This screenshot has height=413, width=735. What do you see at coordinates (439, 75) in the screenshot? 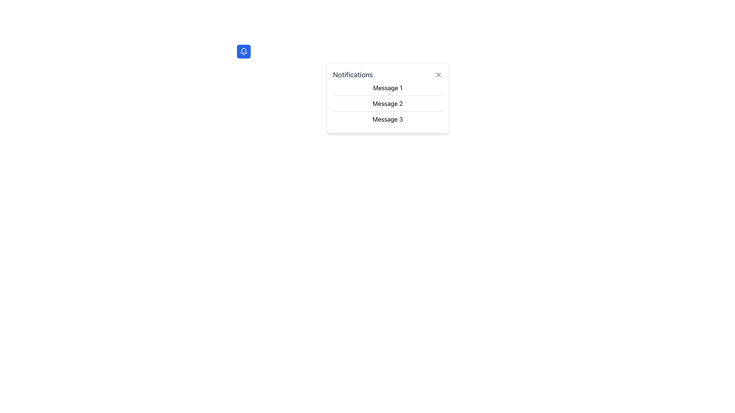
I see `the close button icon for the notification panel, which is located at the top-right corner of the panel, aligned with the title text 'Notifications'` at bounding box center [439, 75].